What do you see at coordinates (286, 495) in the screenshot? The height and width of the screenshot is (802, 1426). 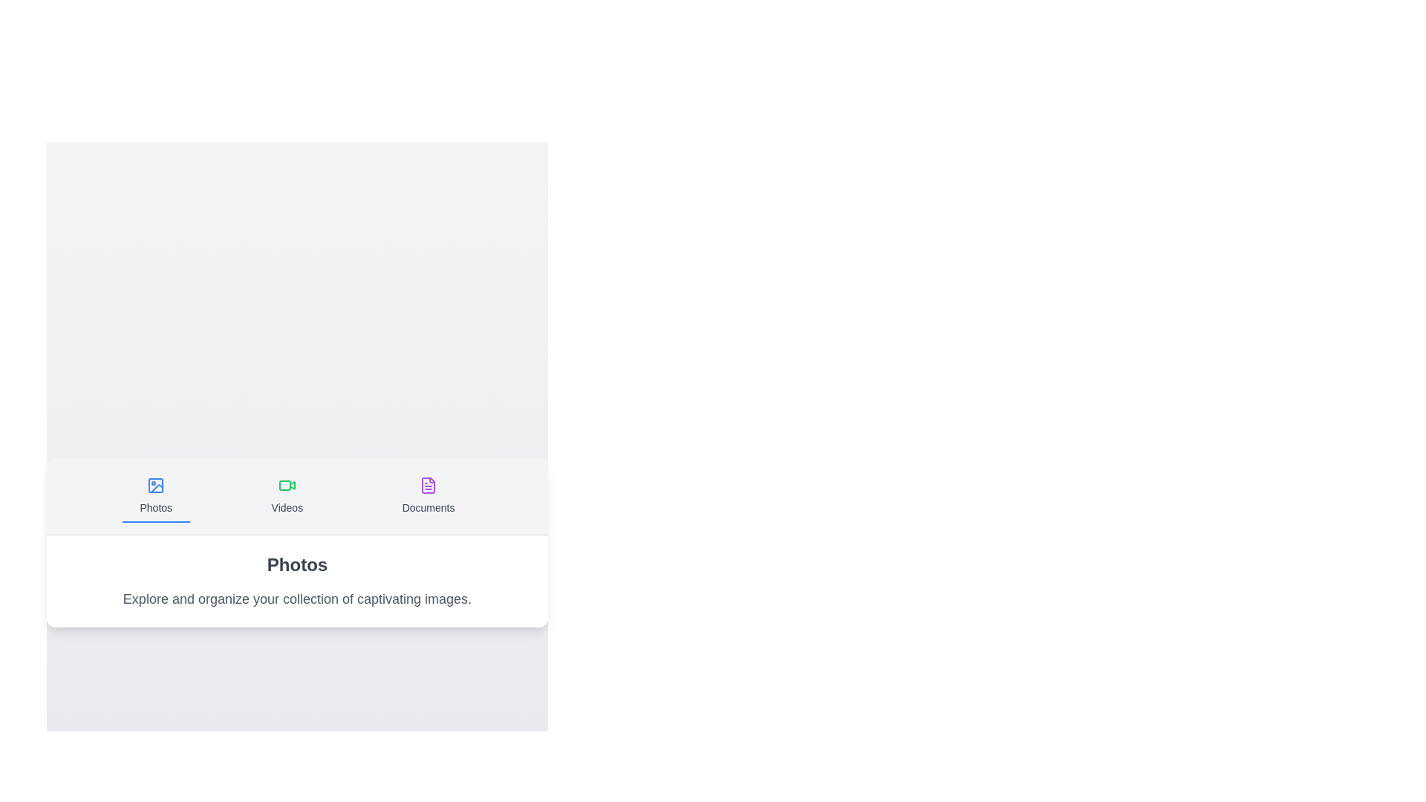 I see `the Videos tab by clicking on it` at bounding box center [286, 495].